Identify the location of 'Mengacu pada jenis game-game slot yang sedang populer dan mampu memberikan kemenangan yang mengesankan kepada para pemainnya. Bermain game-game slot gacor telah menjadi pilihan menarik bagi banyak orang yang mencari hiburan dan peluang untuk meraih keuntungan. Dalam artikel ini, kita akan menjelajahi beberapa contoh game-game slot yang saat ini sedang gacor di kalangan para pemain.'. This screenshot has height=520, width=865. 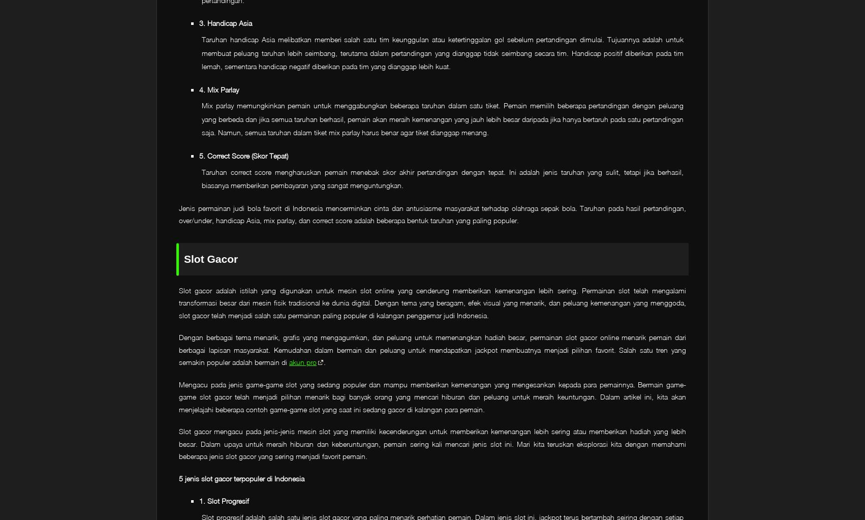
(432, 396).